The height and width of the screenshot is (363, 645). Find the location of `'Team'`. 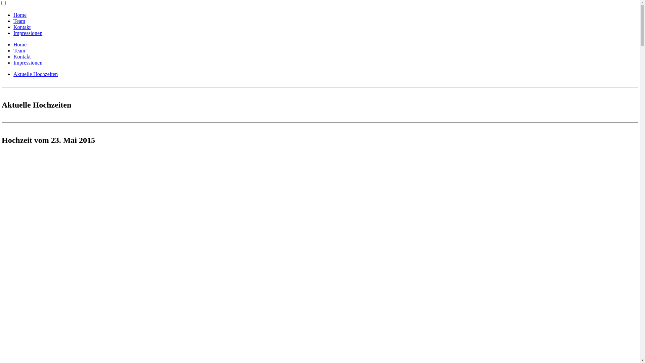

'Team' is located at coordinates (19, 50).